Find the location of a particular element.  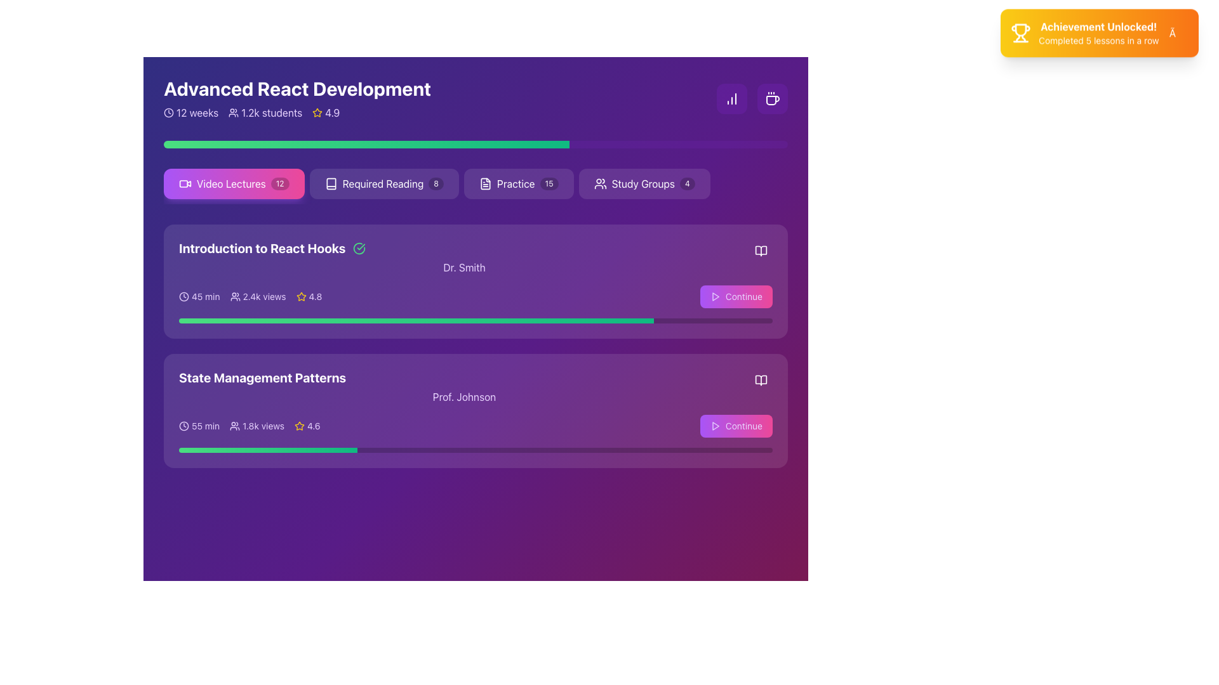

the icon button shaped like an open book, which has a white outline on a purple background, located in the bottom-right corner of the 'State Management Patterns' section next to 'Prof. Johnson' is located at coordinates (761, 380).